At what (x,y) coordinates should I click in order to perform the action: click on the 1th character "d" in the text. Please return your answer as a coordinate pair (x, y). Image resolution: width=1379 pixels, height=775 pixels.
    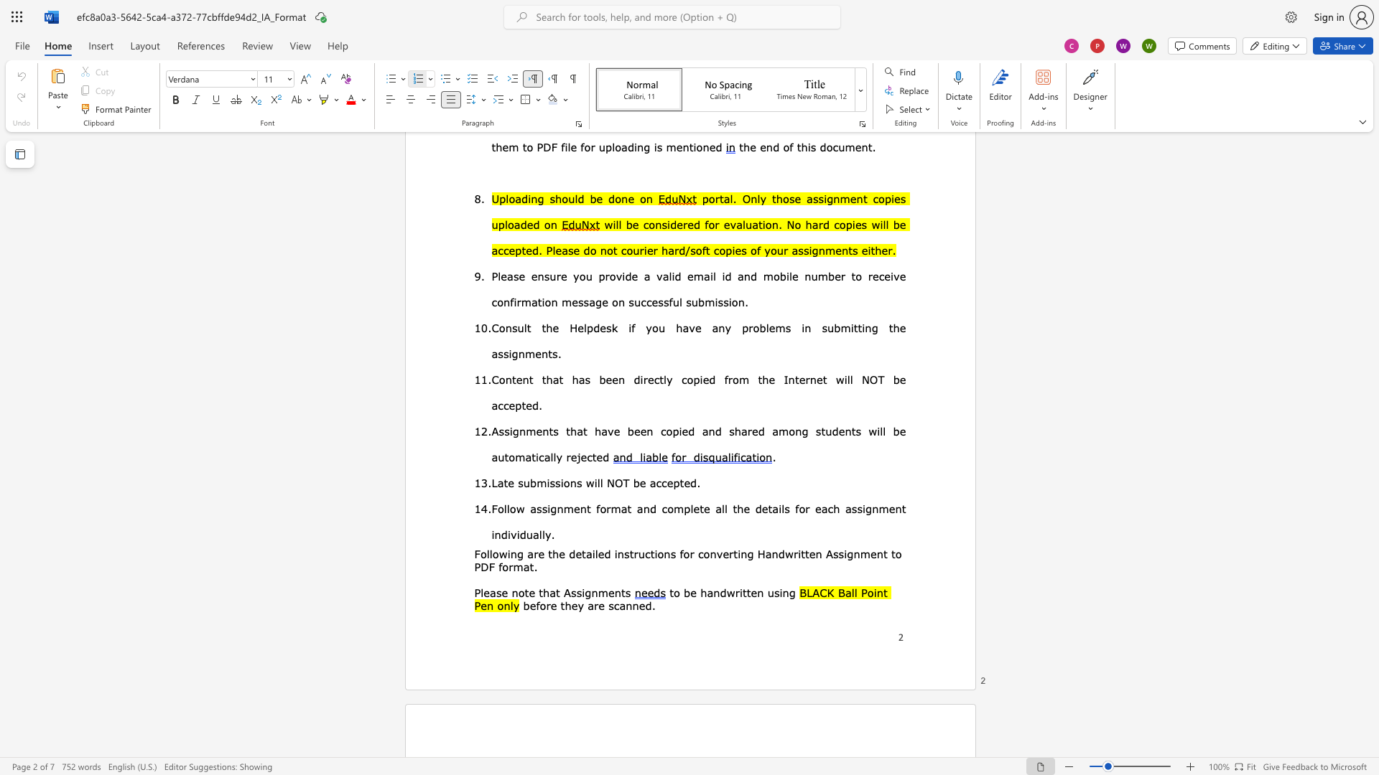
    Looking at the image, I should click on (571, 553).